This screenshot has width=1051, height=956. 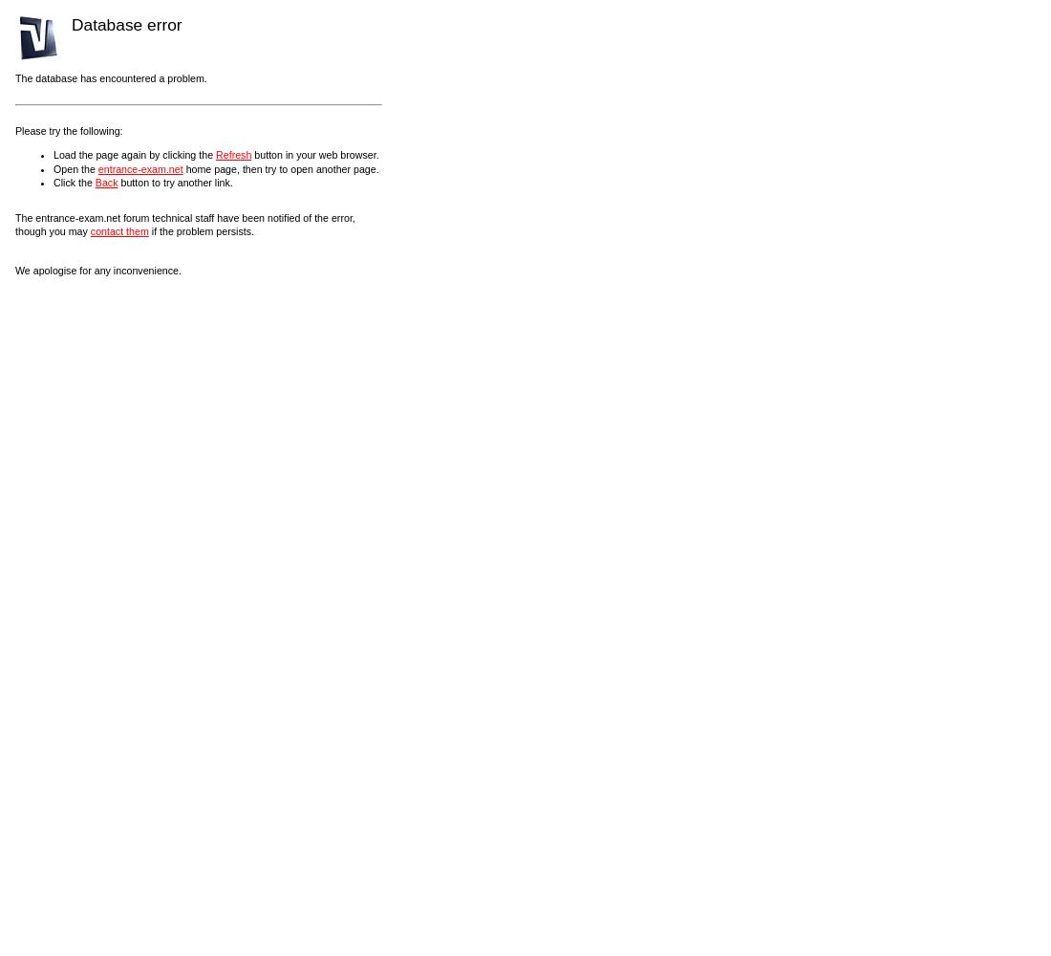 I want to click on 'Load the page again by clicking the', so click(x=134, y=154).